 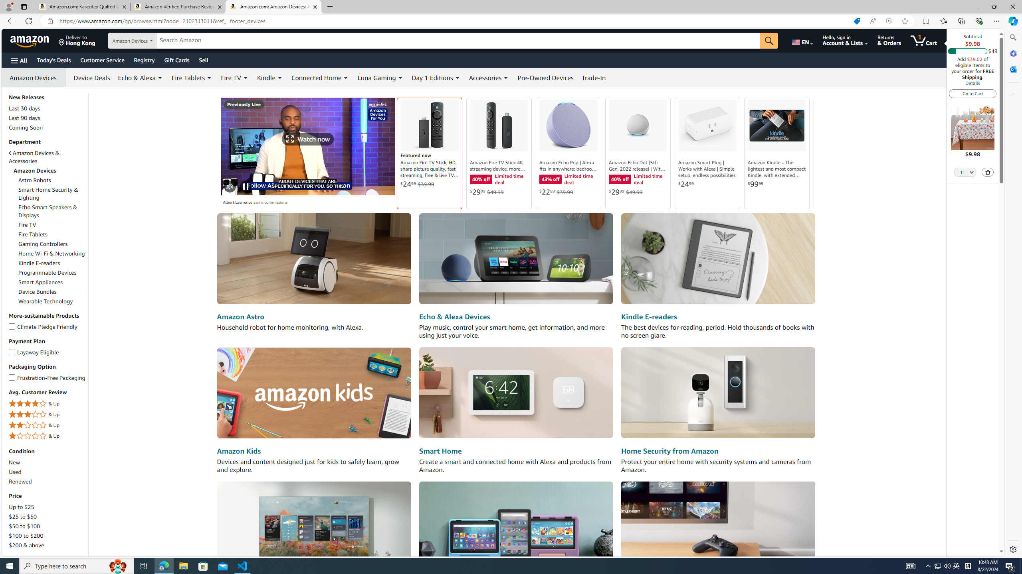 What do you see at coordinates (47, 507) in the screenshot?
I see `'Up to $25'` at bounding box center [47, 507].